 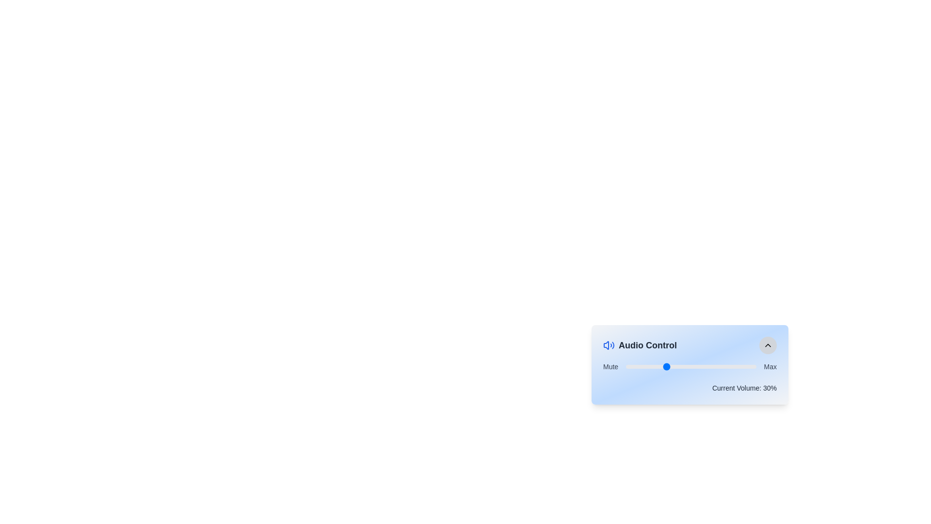 What do you see at coordinates (671, 367) in the screenshot?
I see `the volume level` at bounding box center [671, 367].